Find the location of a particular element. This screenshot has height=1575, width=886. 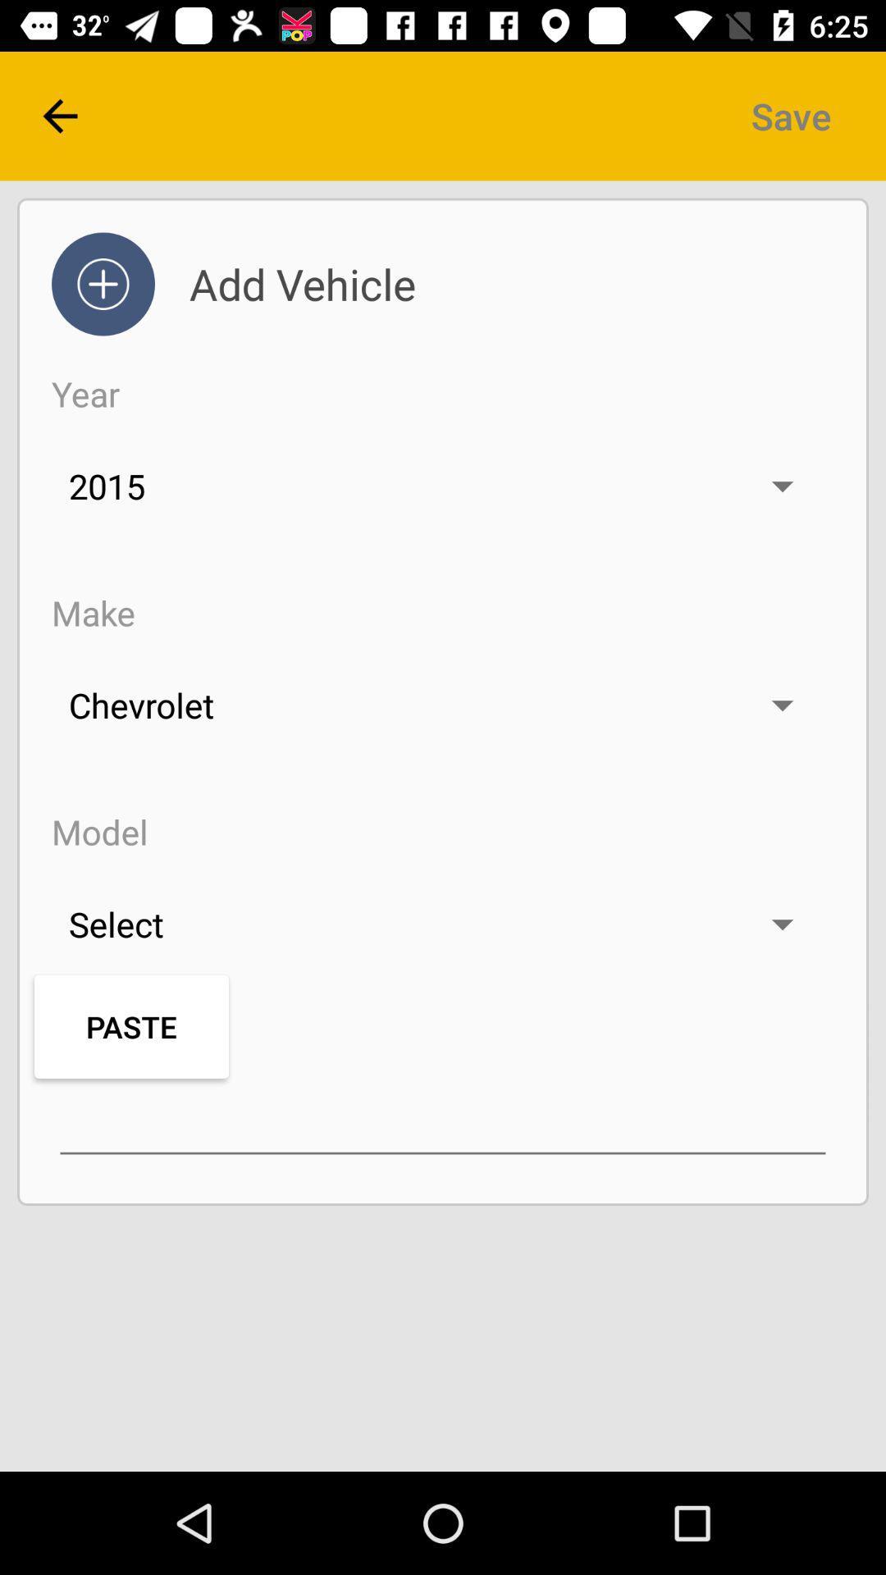

add more icon which is on the left side of add vehicle is located at coordinates (103, 284).